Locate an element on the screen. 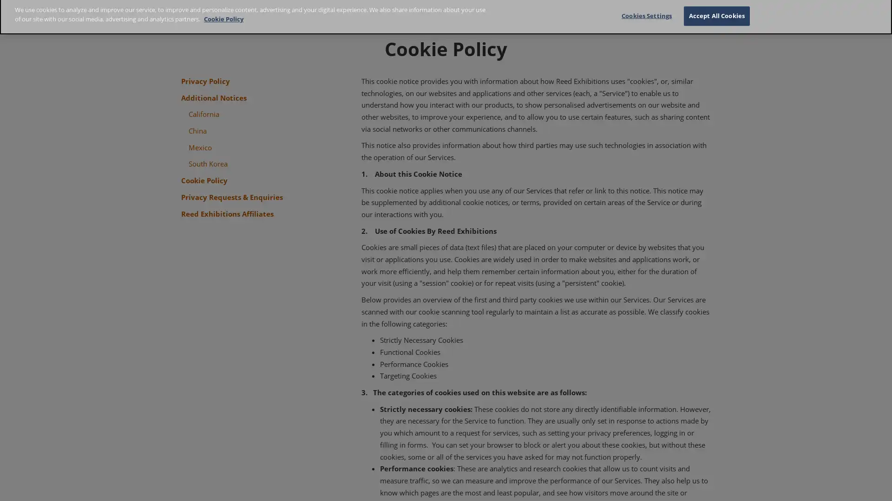 The height and width of the screenshot is (501, 892). Cookies Settings is located at coordinates (646, 19).